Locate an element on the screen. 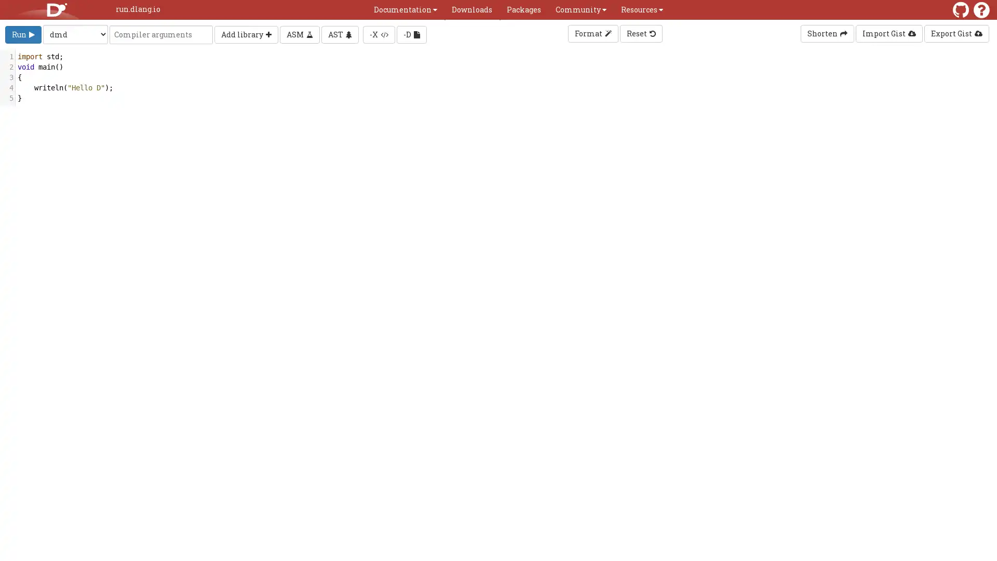 Image resolution: width=997 pixels, height=561 pixels. Run is located at coordinates (23, 33).